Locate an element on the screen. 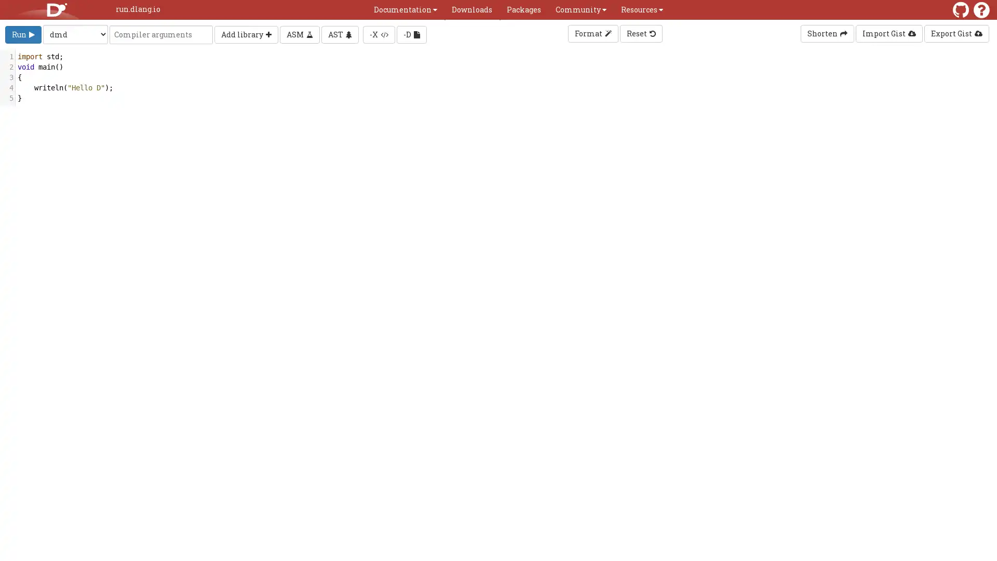 Image resolution: width=997 pixels, height=561 pixels. Run is located at coordinates (23, 33).